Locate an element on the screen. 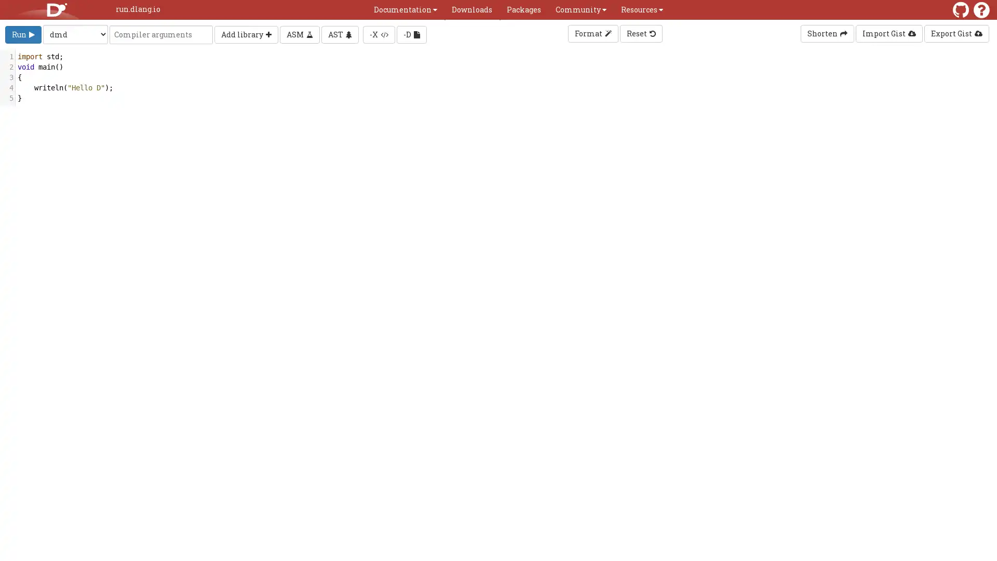 Image resolution: width=997 pixels, height=561 pixels. Run is located at coordinates (23, 33).